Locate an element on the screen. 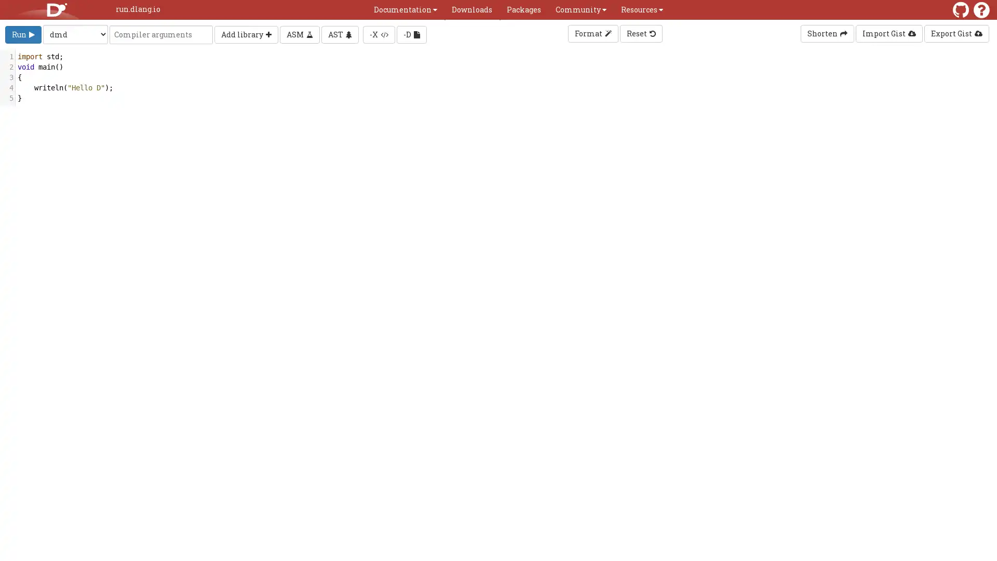 Image resolution: width=997 pixels, height=561 pixels. Run is located at coordinates (23, 33).